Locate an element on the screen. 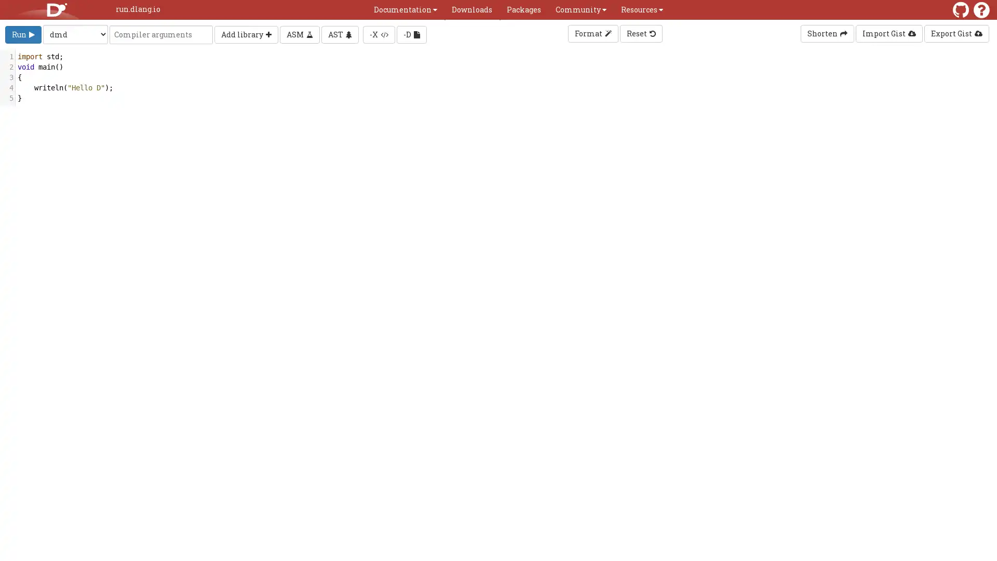 Image resolution: width=997 pixels, height=561 pixels. Run is located at coordinates (23, 33).